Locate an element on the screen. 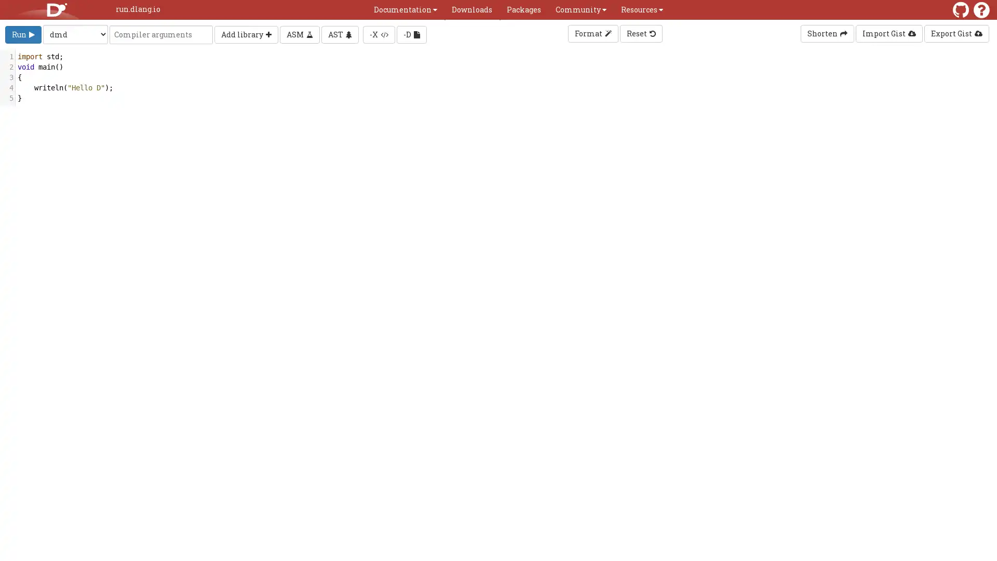 Image resolution: width=997 pixels, height=561 pixels. Run is located at coordinates (23, 33).